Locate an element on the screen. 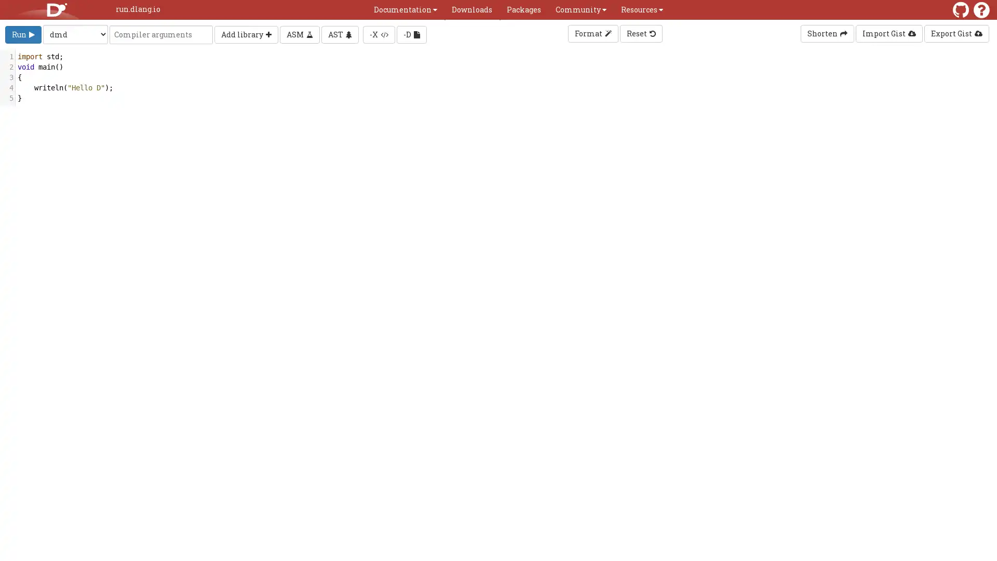 Image resolution: width=997 pixels, height=561 pixels. Run is located at coordinates (23, 33).